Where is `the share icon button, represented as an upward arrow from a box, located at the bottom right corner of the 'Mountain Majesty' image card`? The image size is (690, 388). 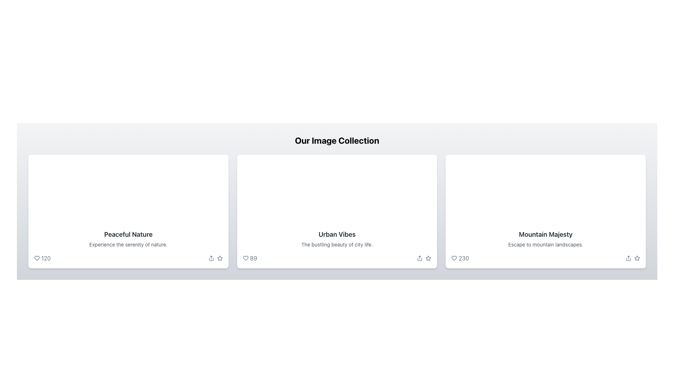
the share icon button, represented as an upward arrow from a box, located at the bottom right corner of the 'Mountain Majesty' image card is located at coordinates (628, 258).